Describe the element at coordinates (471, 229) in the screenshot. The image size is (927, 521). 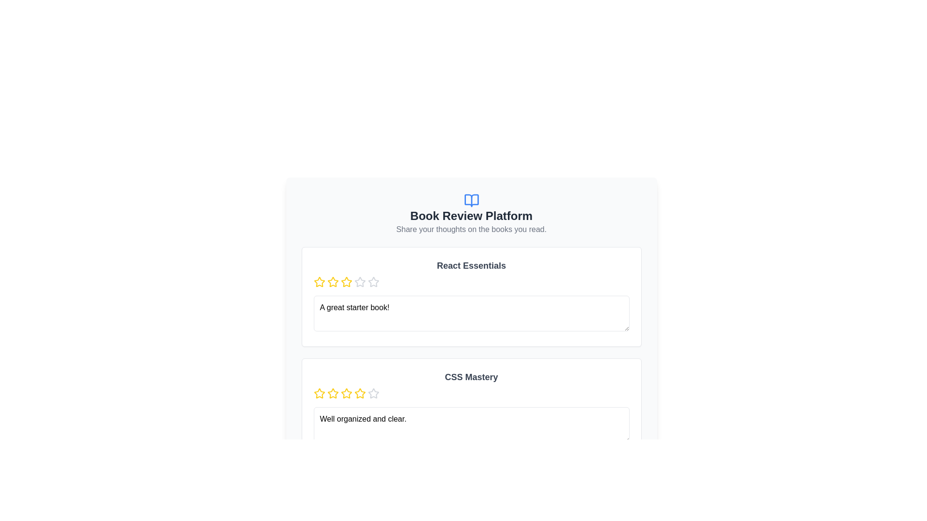
I see `the descriptive text label encouraging users to engage with the platform, located centrally below the title 'Book Review Platform' and above the book reviews section` at that location.